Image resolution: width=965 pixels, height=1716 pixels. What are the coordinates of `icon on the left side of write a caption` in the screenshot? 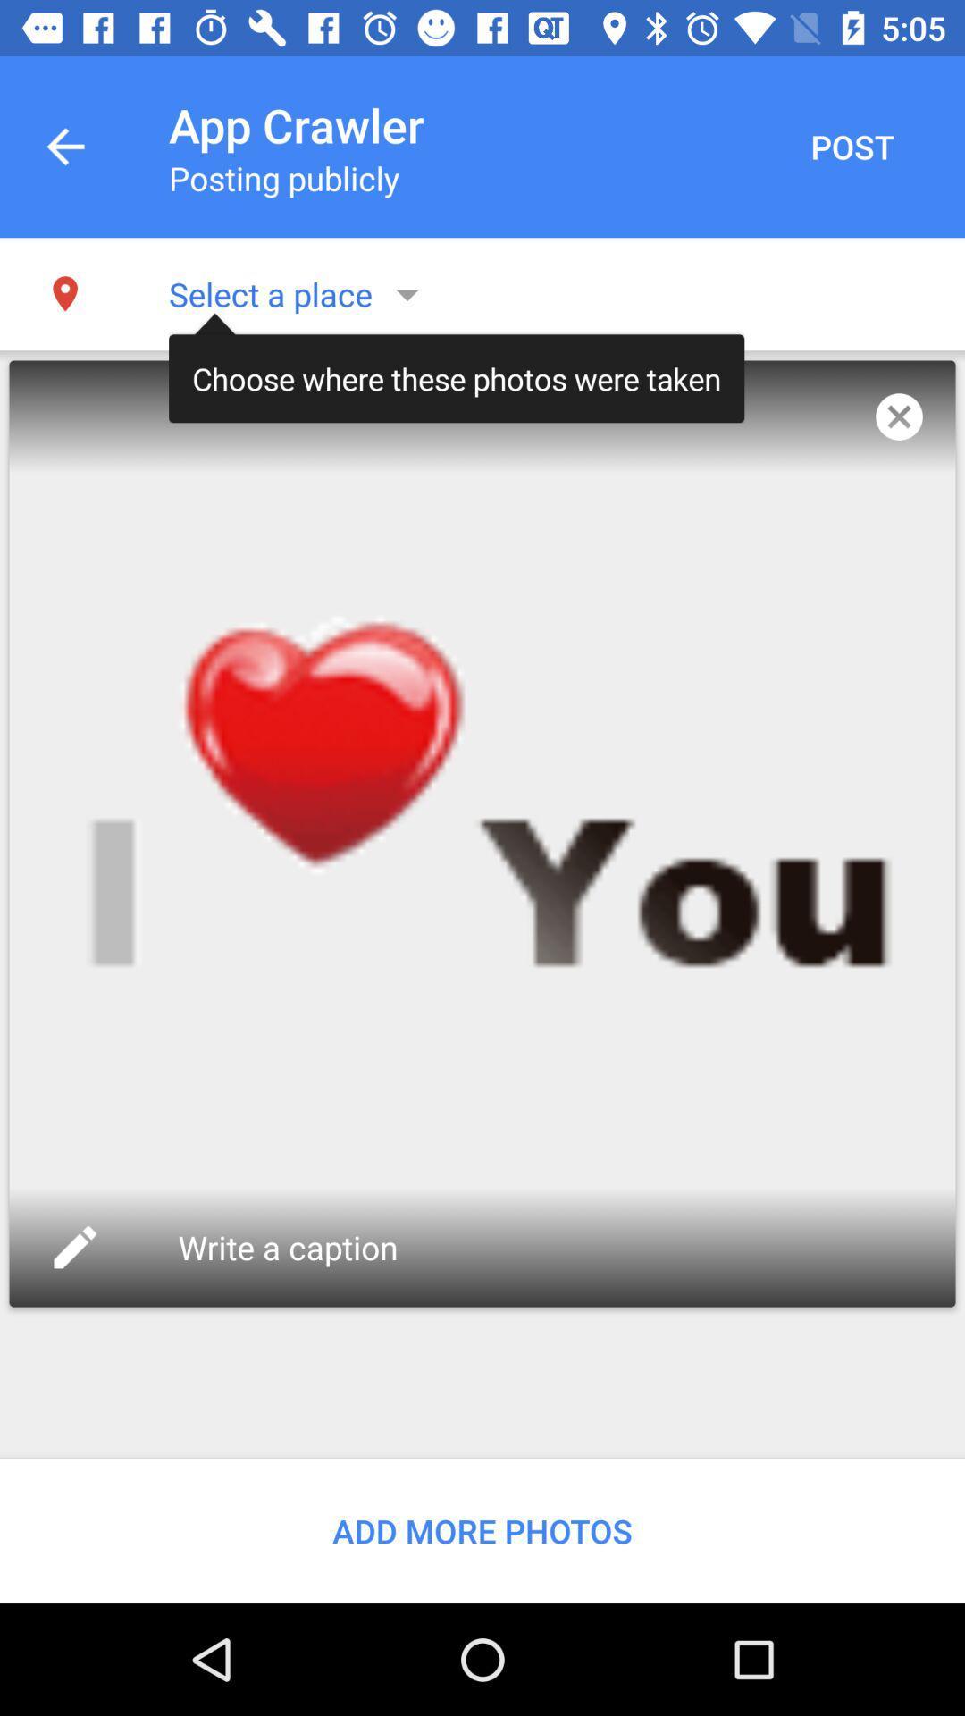 It's located at (74, 1246).